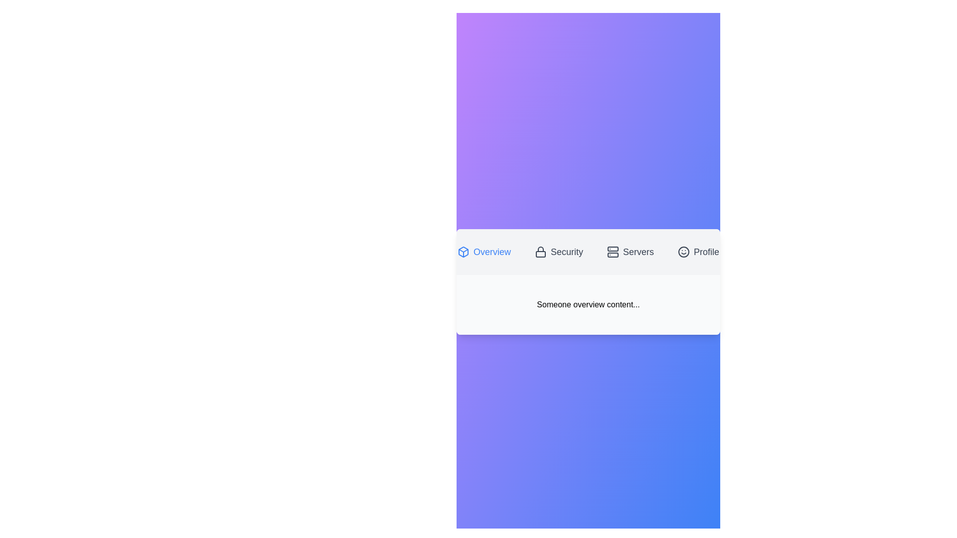  Describe the element at coordinates (567, 251) in the screenshot. I see `the 'Security' text label in the navigation bar` at that location.